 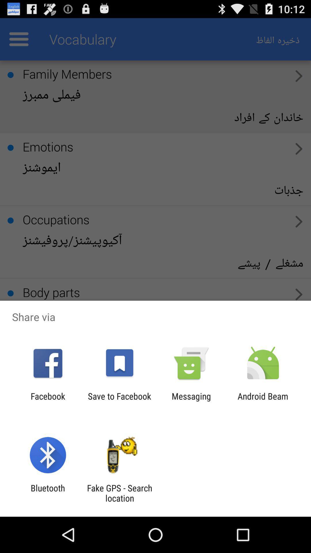 What do you see at coordinates (48, 493) in the screenshot?
I see `the bluetooth item` at bounding box center [48, 493].